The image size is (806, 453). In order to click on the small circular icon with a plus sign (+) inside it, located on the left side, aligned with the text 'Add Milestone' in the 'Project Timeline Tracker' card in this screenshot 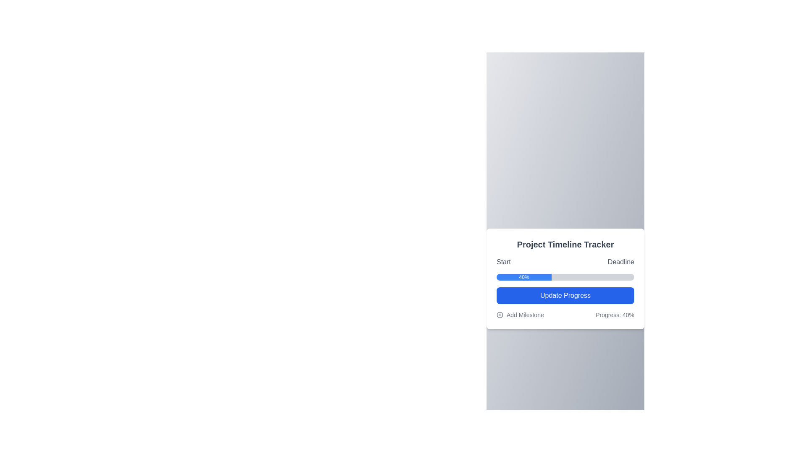, I will do `click(500, 315)`.